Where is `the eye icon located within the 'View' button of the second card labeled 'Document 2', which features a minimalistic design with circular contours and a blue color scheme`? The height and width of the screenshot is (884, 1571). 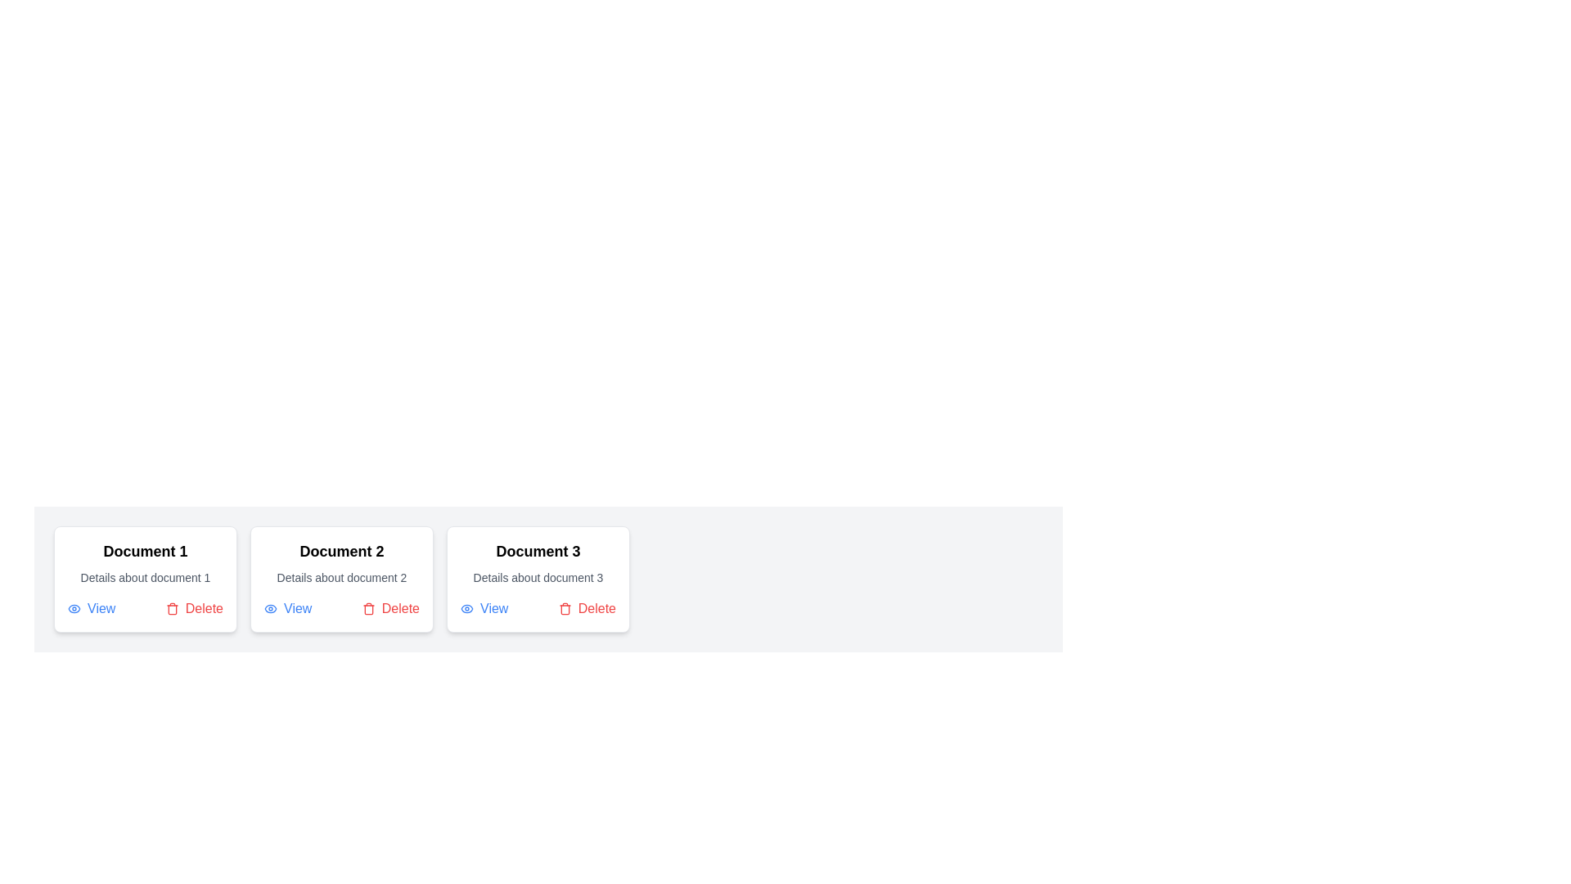 the eye icon located within the 'View' button of the second card labeled 'Document 2', which features a minimalistic design with circular contours and a blue color scheme is located at coordinates (271, 609).